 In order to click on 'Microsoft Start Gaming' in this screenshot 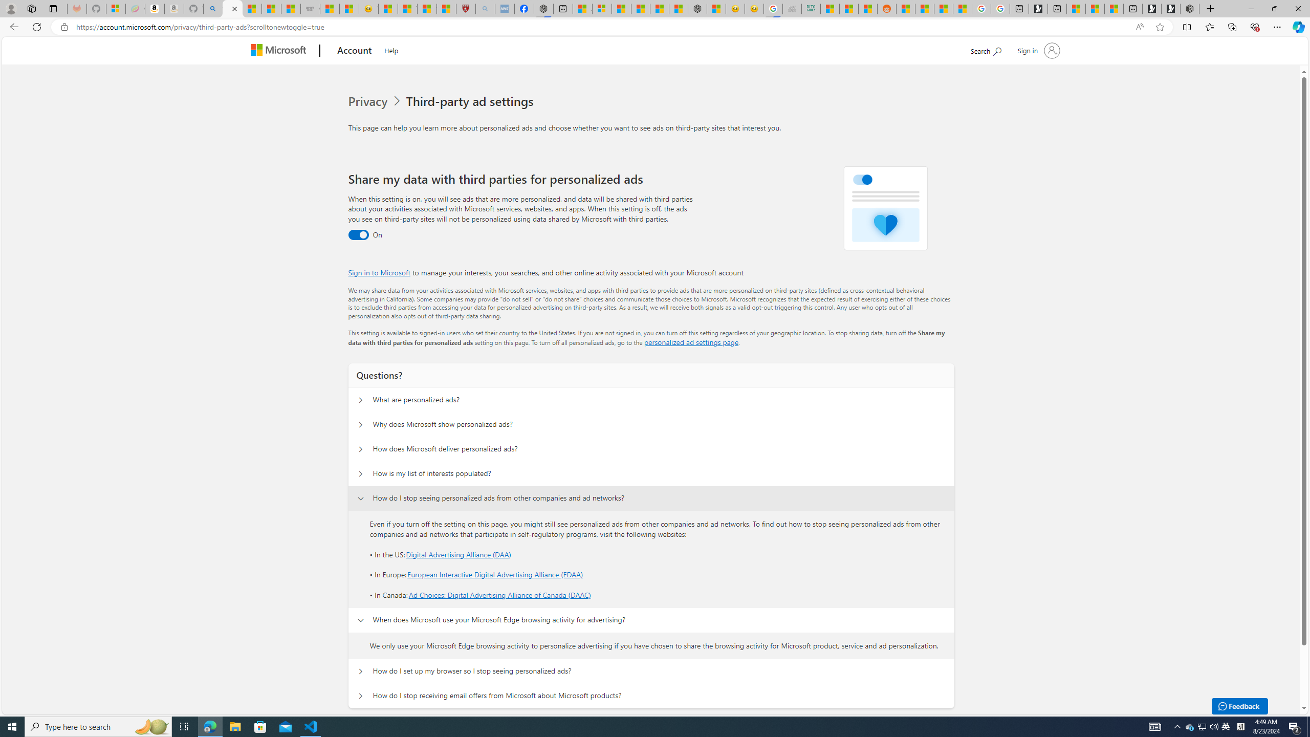, I will do `click(1037, 8)`.